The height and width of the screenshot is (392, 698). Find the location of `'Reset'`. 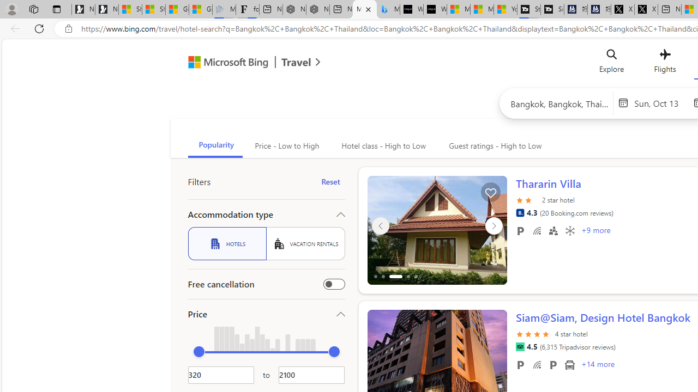

'Reset' is located at coordinates (330, 181).